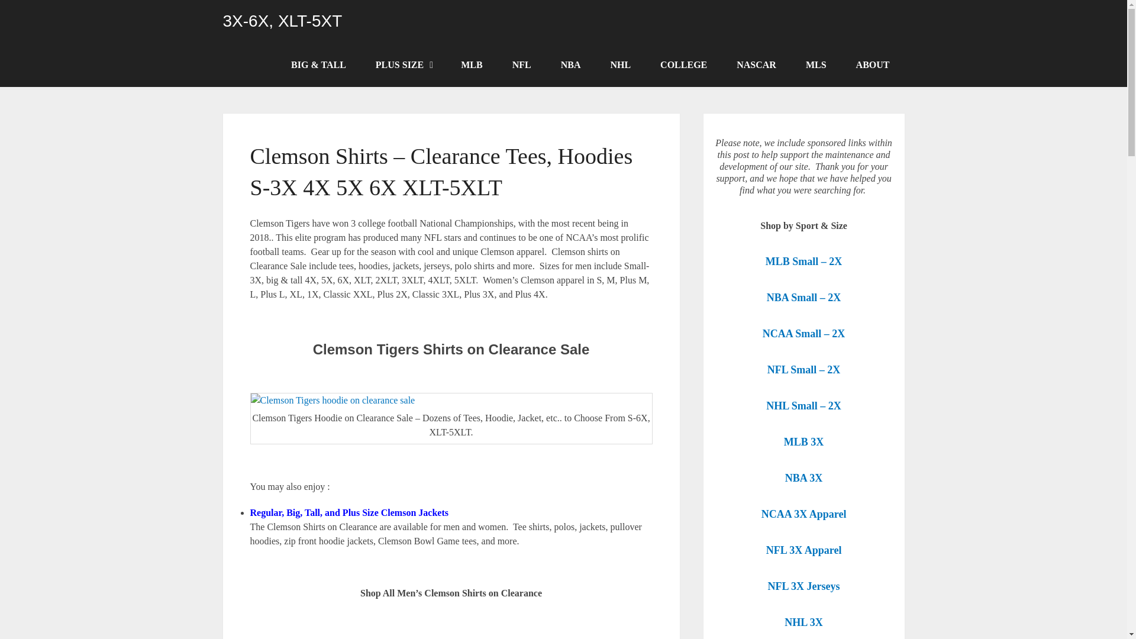 This screenshot has height=639, width=1136. Describe the element at coordinates (803, 622) in the screenshot. I see `'NHL 3X'` at that location.